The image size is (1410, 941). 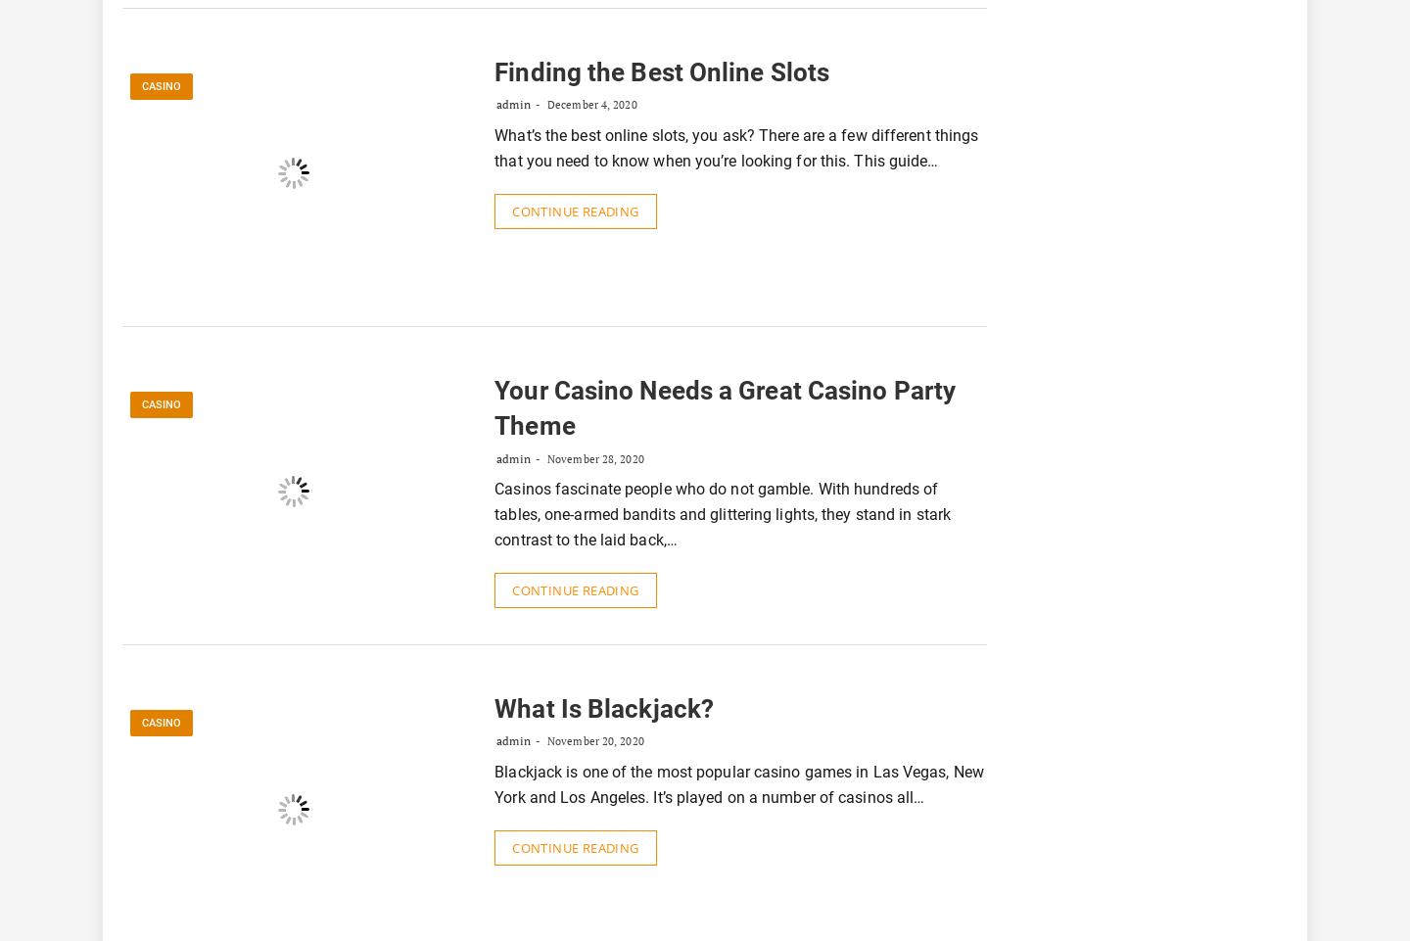 I want to click on 'Blackjack is one of the most popular casino games in Las Vegas, New York and Los Angeles. It’s played on a number of casinos all…', so click(x=737, y=782).